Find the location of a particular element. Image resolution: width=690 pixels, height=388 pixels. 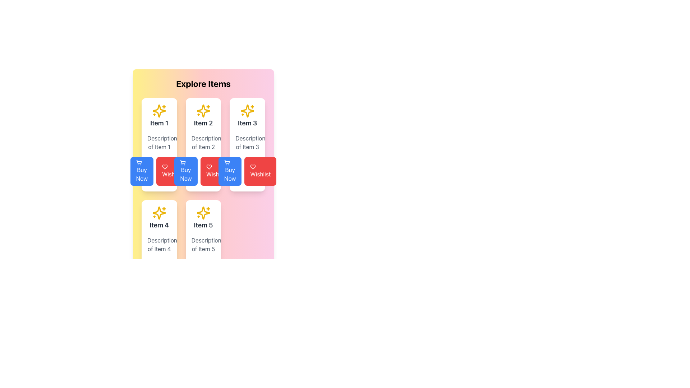

the Text Label displaying 'Item 3', which is positioned below the sparkles icon and above the description text and action buttons in the third column of a 2x3 grid is located at coordinates (247, 123).